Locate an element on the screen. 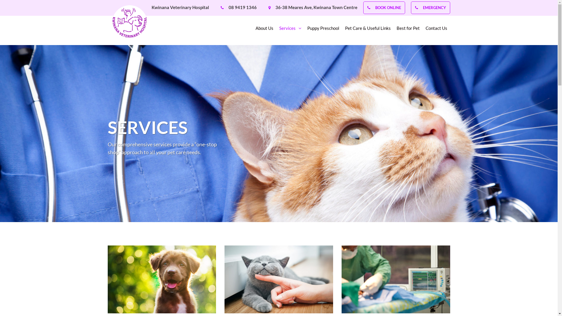 This screenshot has height=316, width=562. 'About Us' is located at coordinates (255, 30).